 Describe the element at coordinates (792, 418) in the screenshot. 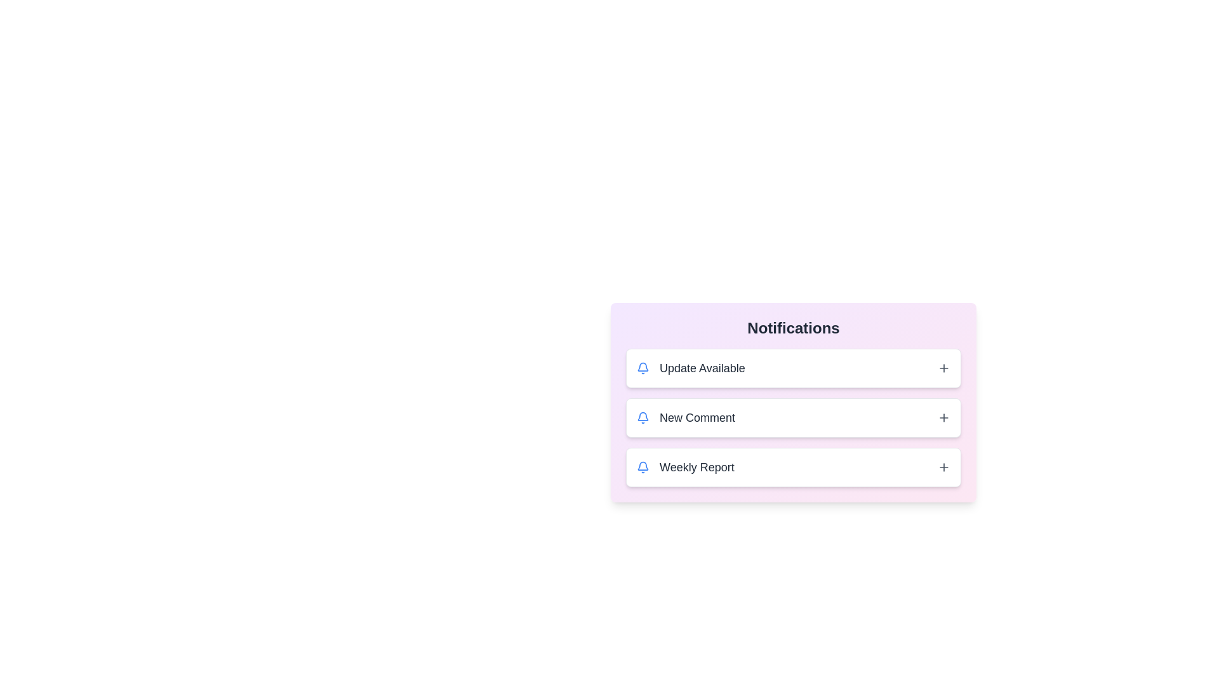

I see `the notification titled 'New Comment'` at that location.